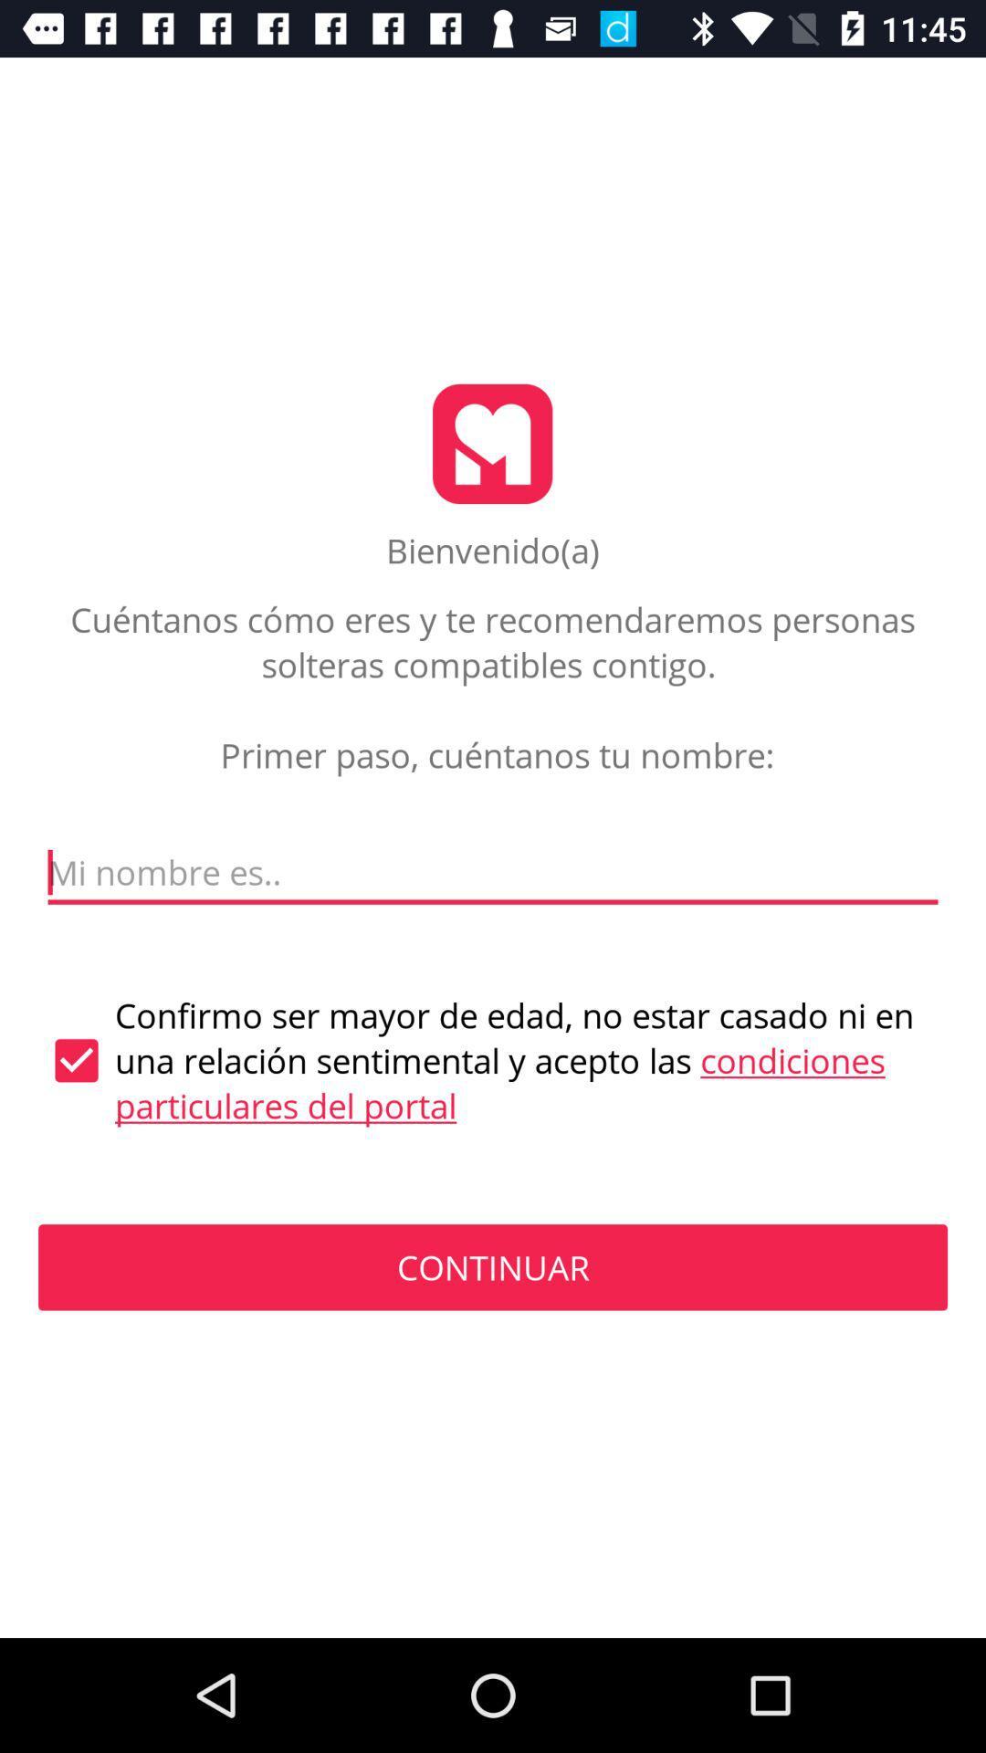 The width and height of the screenshot is (986, 1753). Describe the element at coordinates (493, 872) in the screenshot. I see `icon above confirmo ser mayor` at that location.